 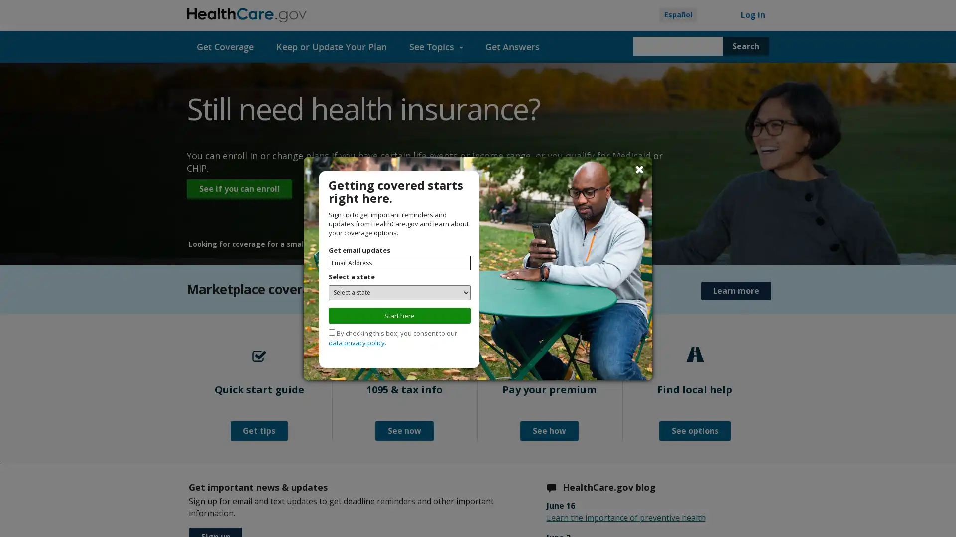 What do you see at coordinates (436, 46) in the screenshot?
I see `See Topics Has subitems` at bounding box center [436, 46].